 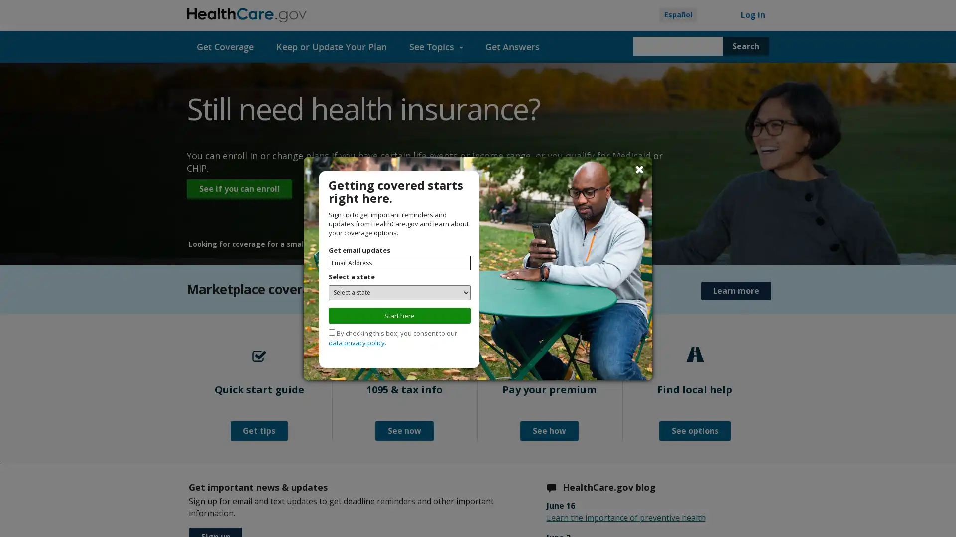 What do you see at coordinates (436, 46) in the screenshot?
I see `See Topics Has subitems` at bounding box center [436, 46].